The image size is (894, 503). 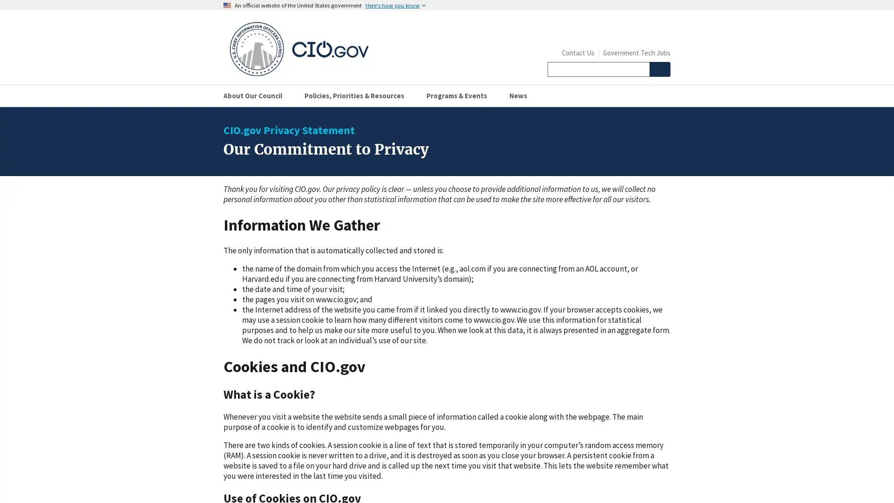 What do you see at coordinates (257, 95) in the screenshot?
I see `About Our Council` at bounding box center [257, 95].